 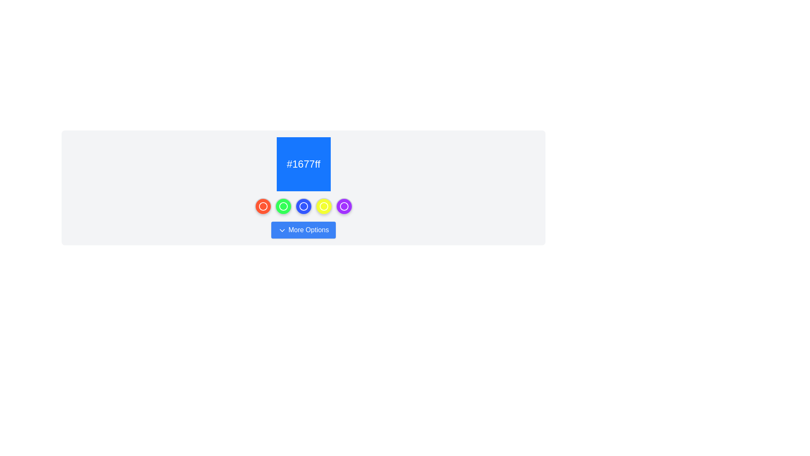 I want to click on the circular icon located on the far right in a horizontal row of five colored circular icons, so click(x=344, y=206).